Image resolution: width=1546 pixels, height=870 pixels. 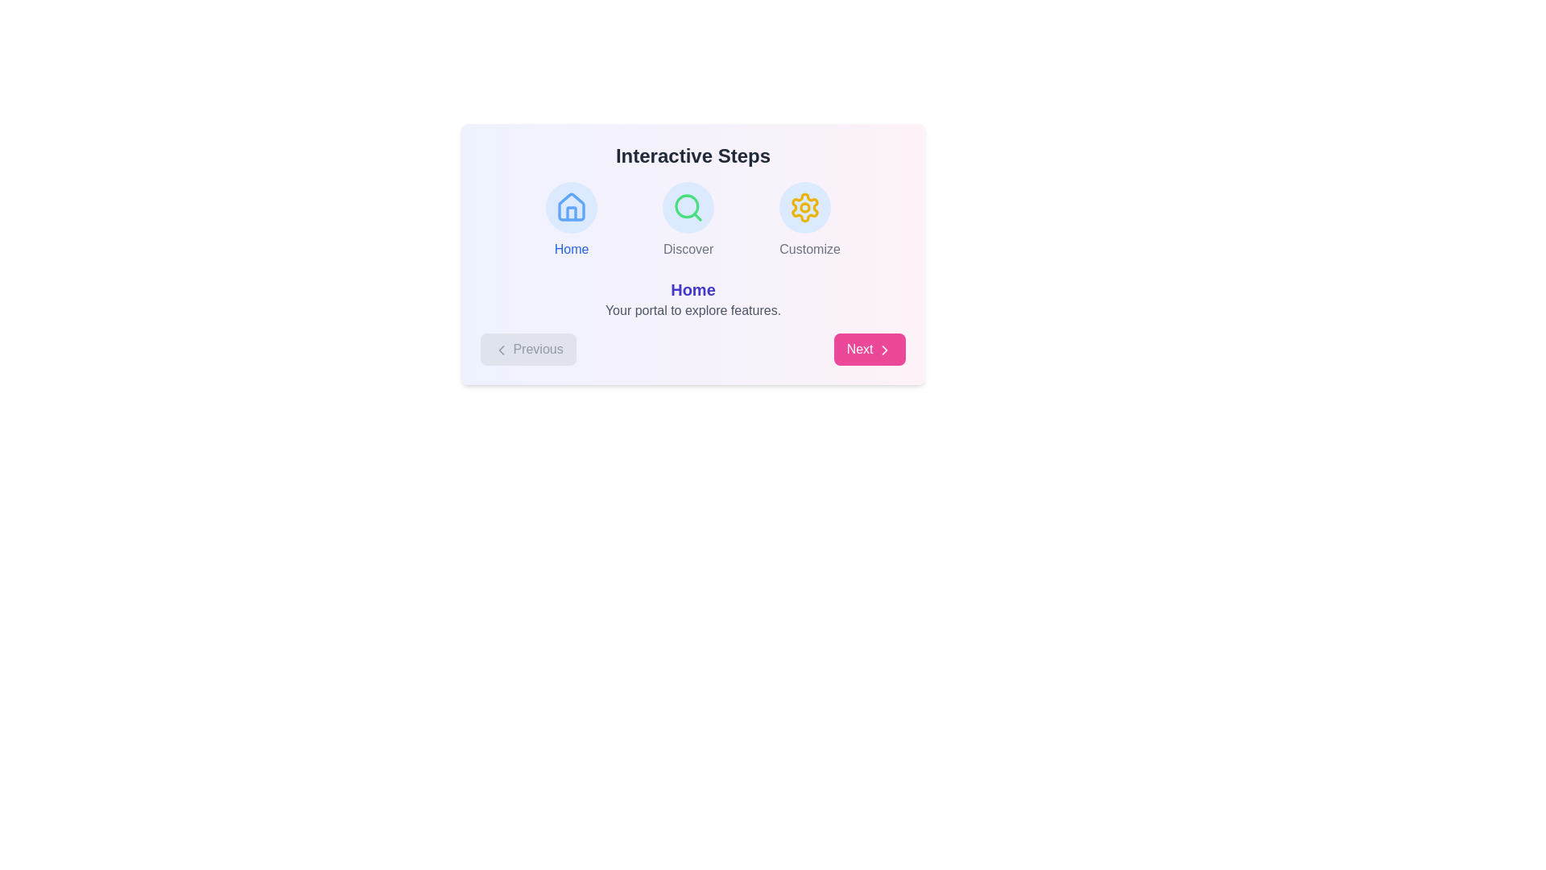 I want to click on the gear icon, which has a yellow color and is set against a circular blue background, located within the 'Interactive Steps' section, so click(x=805, y=207).